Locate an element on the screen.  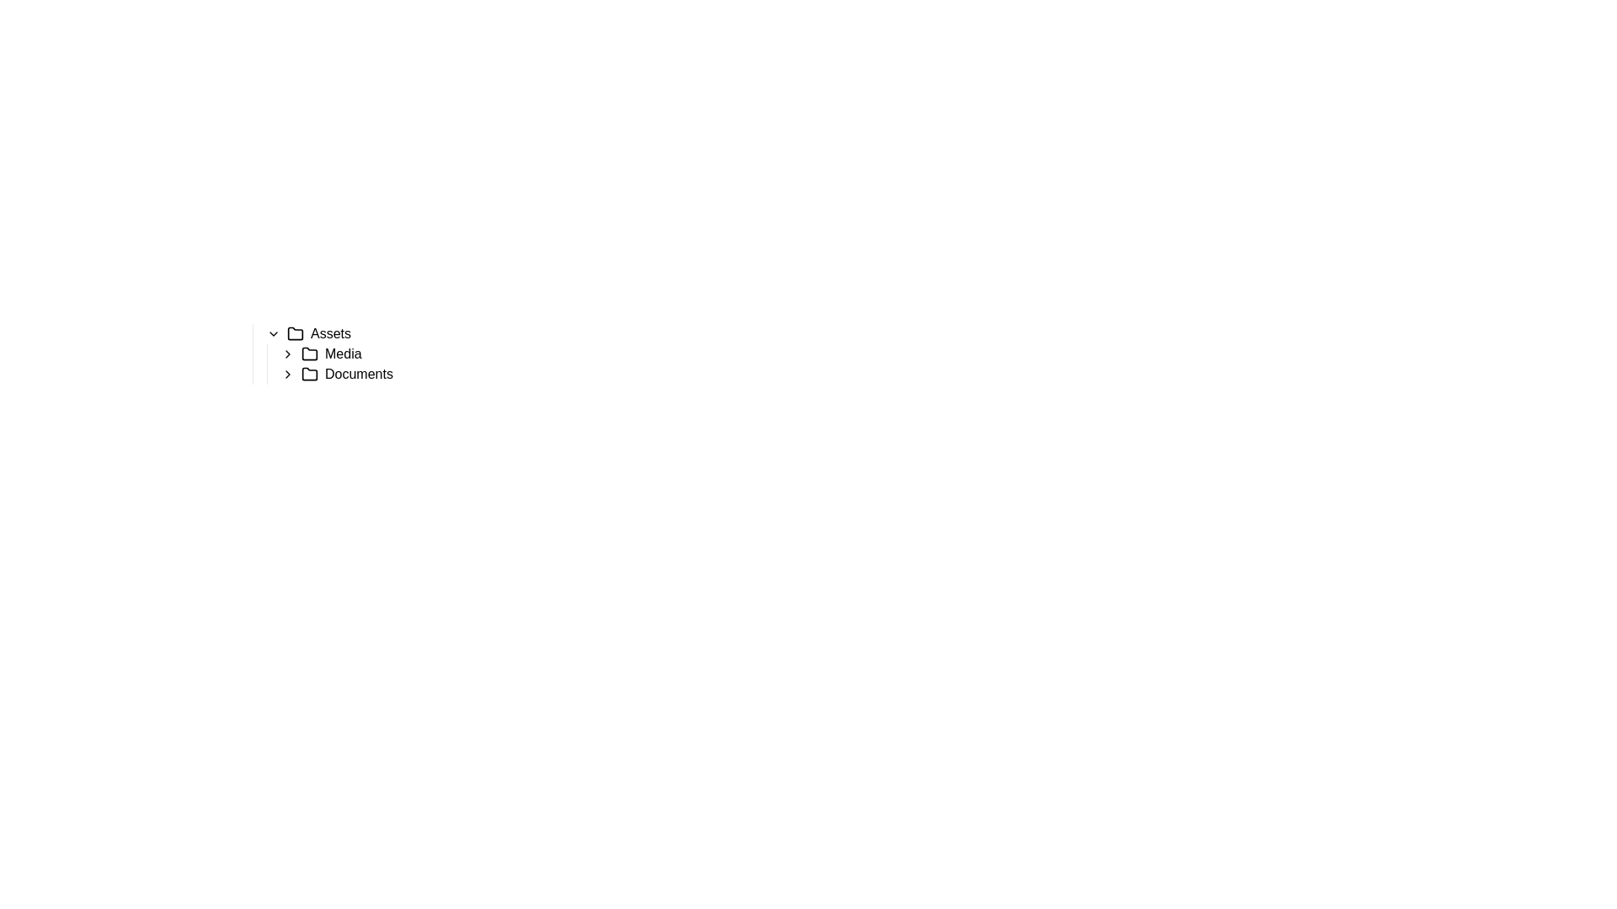
the folder icon located is located at coordinates (310, 353).